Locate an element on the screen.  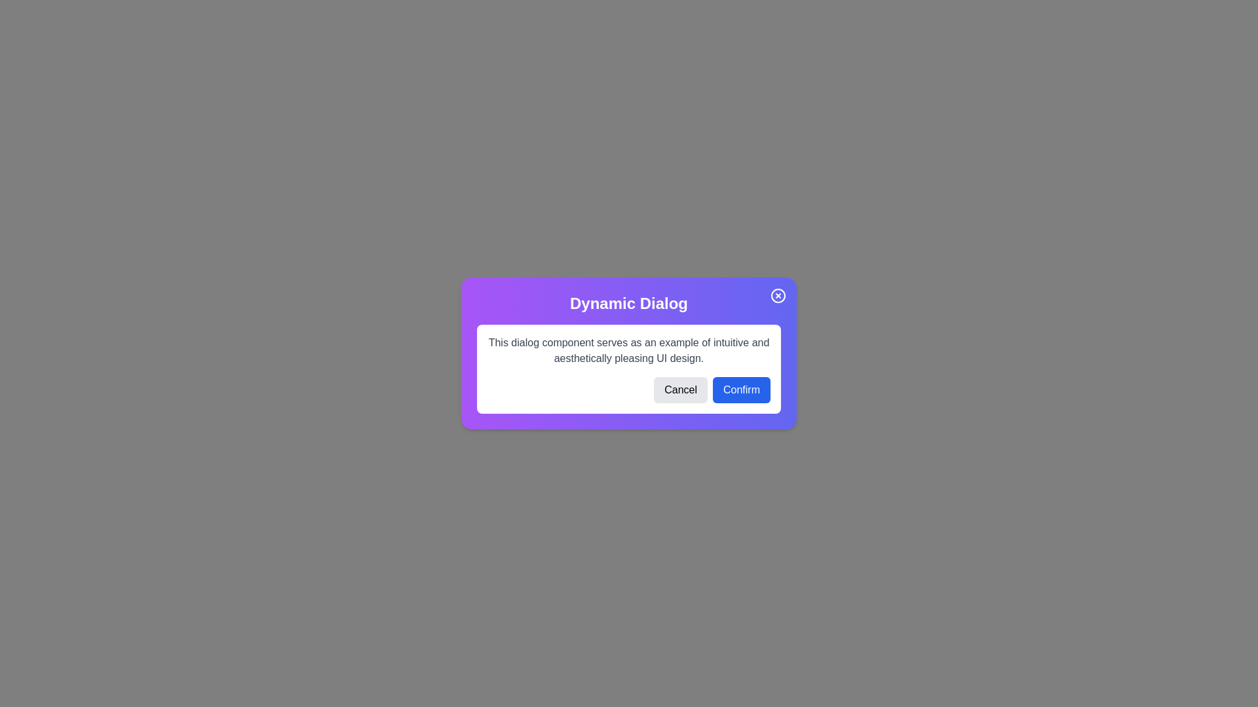
the close button in the top-right corner of the dialog is located at coordinates (778, 295).